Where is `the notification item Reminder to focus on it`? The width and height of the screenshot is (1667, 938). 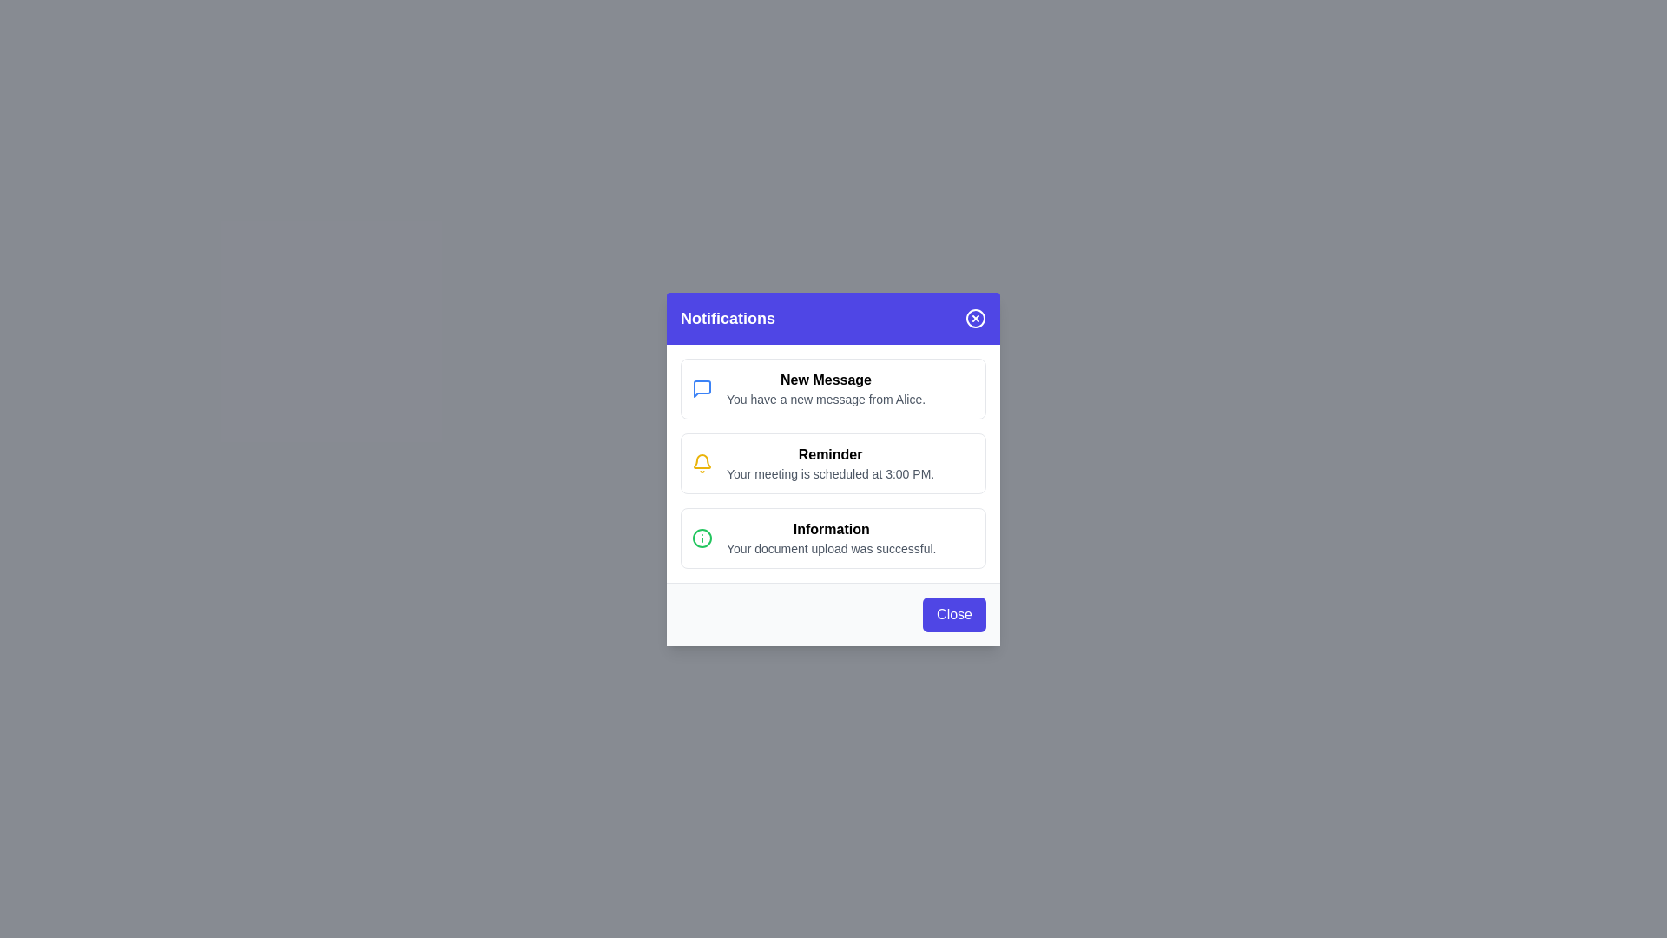
the notification item Reminder to focus on it is located at coordinates (833, 462).